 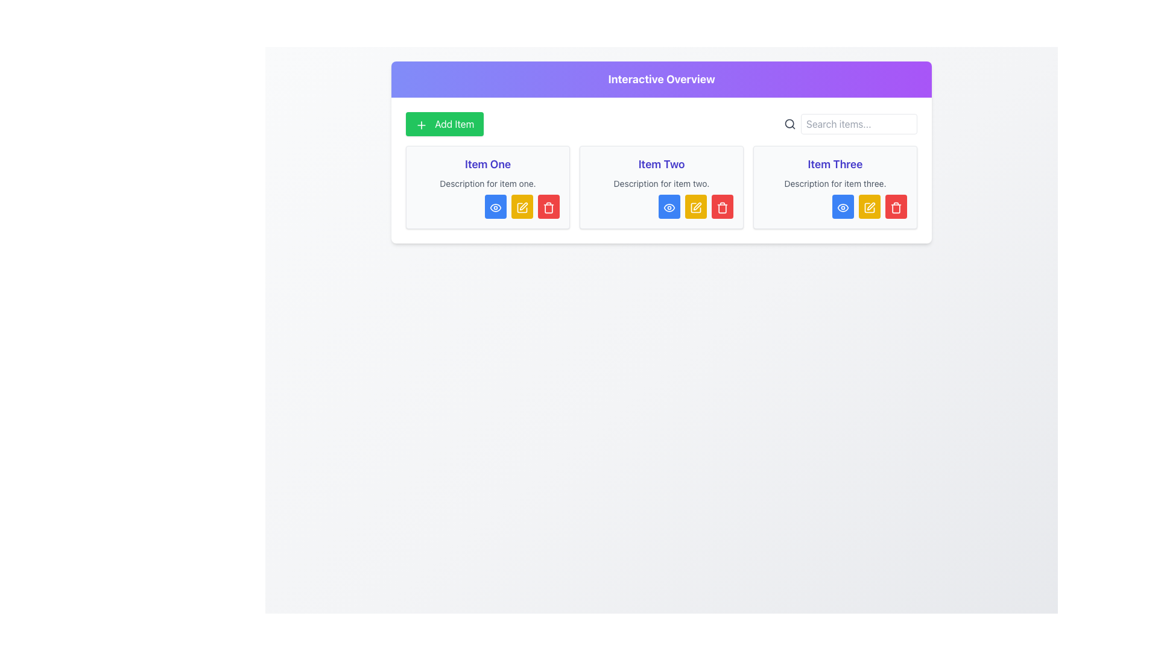 What do you see at coordinates (850, 124) in the screenshot?
I see `the text input field with placeholder 'Search items...' to focus and enter text` at bounding box center [850, 124].